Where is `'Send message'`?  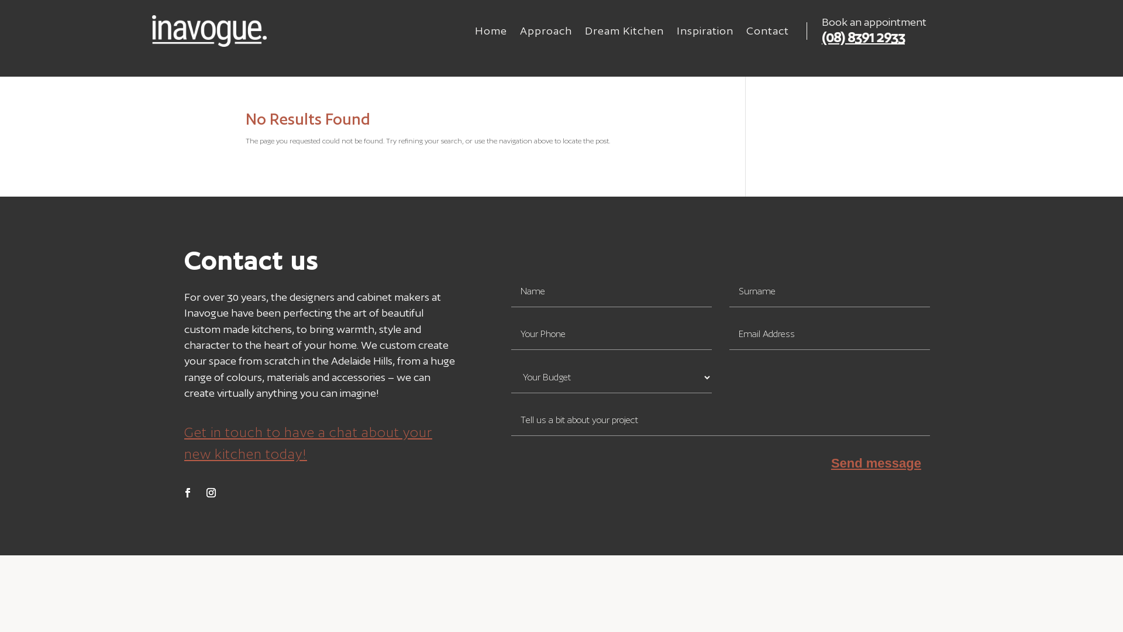
'Send message' is located at coordinates (876, 462).